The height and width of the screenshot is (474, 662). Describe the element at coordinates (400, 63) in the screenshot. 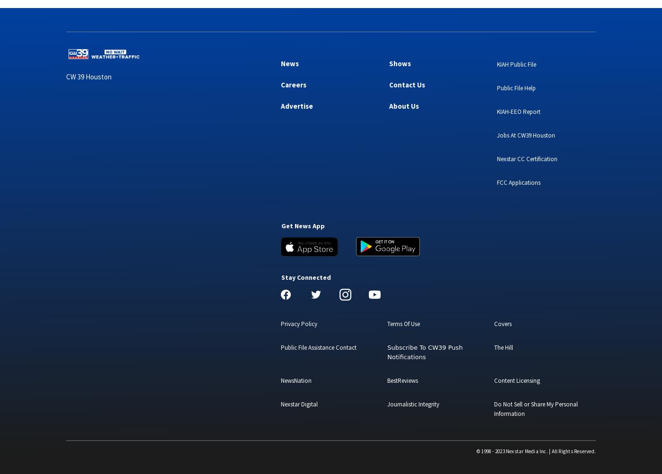

I see `'Shows'` at that location.